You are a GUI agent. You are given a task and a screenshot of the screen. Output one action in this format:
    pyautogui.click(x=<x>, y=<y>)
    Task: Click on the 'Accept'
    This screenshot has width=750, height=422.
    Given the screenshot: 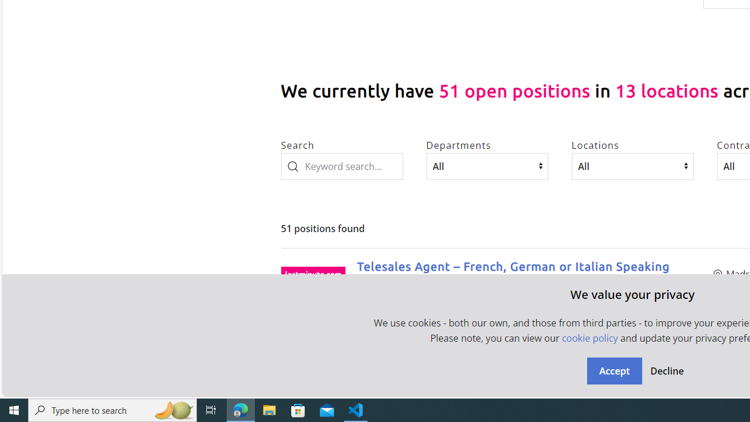 What is the action you would take?
    pyautogui.click(x=613, y=370)
    